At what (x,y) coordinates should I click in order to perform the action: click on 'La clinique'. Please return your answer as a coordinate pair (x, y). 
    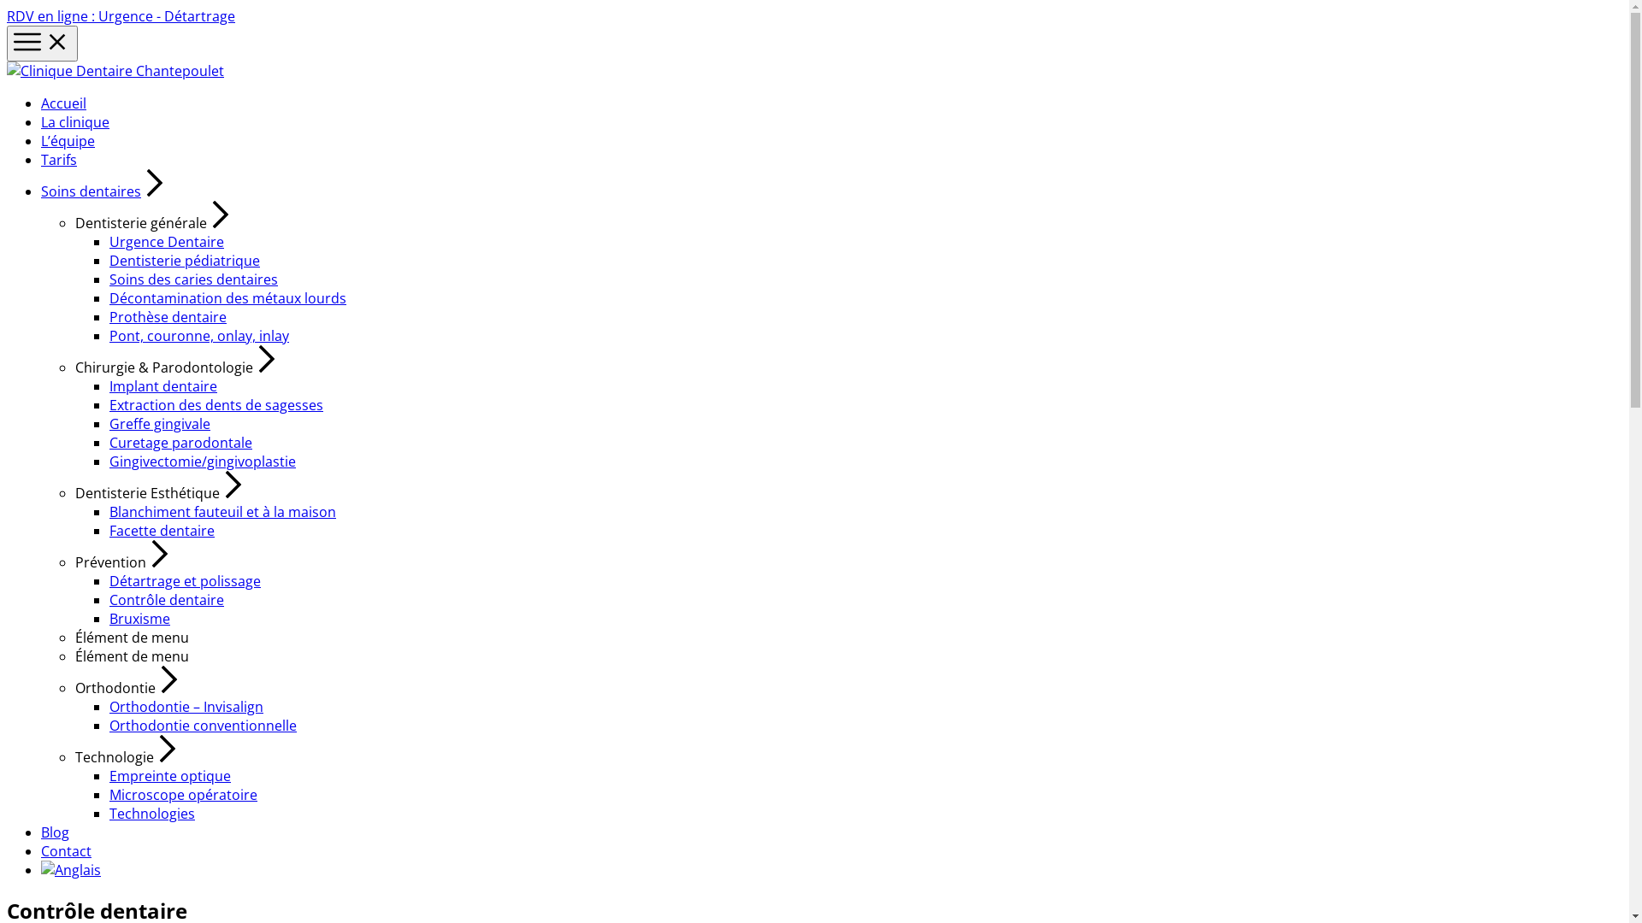
    Looking at the image, I should click on (74, 121).